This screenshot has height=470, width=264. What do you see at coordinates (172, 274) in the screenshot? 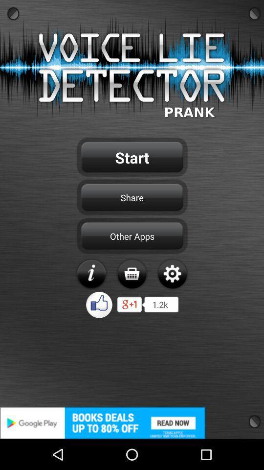
I see `setting` at bounding box center [172, 274].